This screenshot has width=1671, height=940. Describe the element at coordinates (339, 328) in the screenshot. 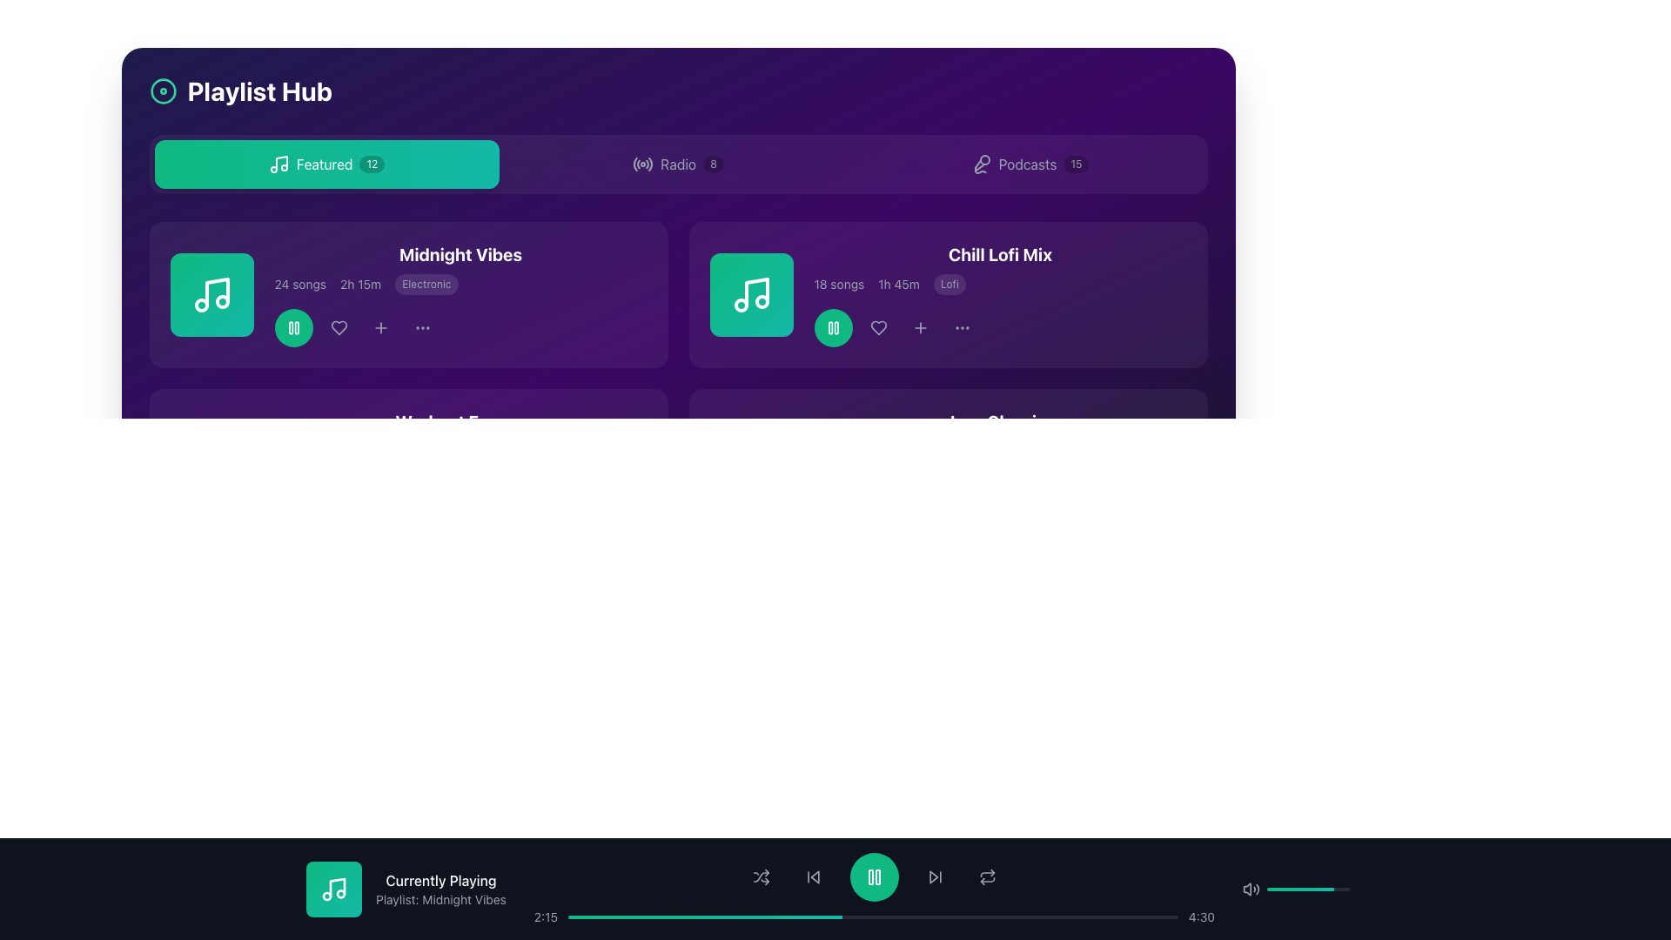

I see `the heart-shaped icon button, which is the second icon from the left in the action buttons group under the 'Midnight Vibes' playlist card` at that location.